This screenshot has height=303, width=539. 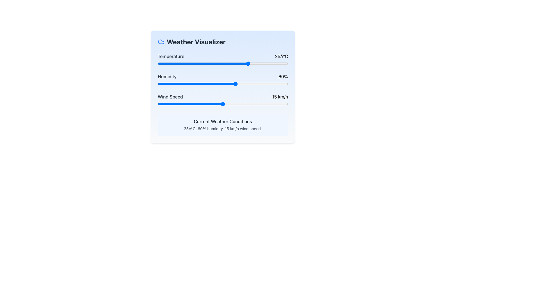 What do you see at coordinates (281, 56) in the screenshot?
I see `the static text display showing '25Â°C', which is aligned to the right of the 'Temperature' slider` at bounding box center [281, 56].